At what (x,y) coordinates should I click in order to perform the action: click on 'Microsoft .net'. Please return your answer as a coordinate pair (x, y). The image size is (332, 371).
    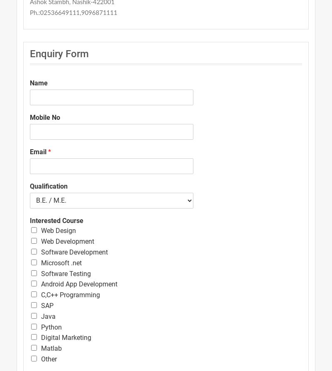
    Looking at the image, I should click on (61, 262).